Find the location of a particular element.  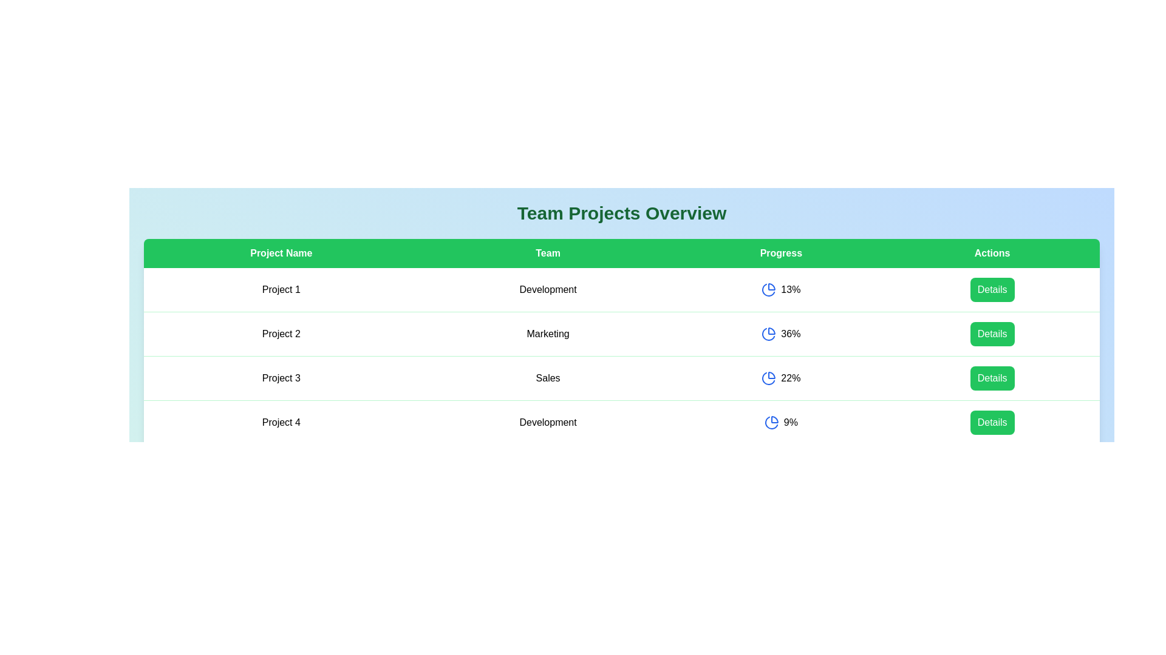

the 'Details' button for the project with the name Project 1 is located at coordinates (992, 290).